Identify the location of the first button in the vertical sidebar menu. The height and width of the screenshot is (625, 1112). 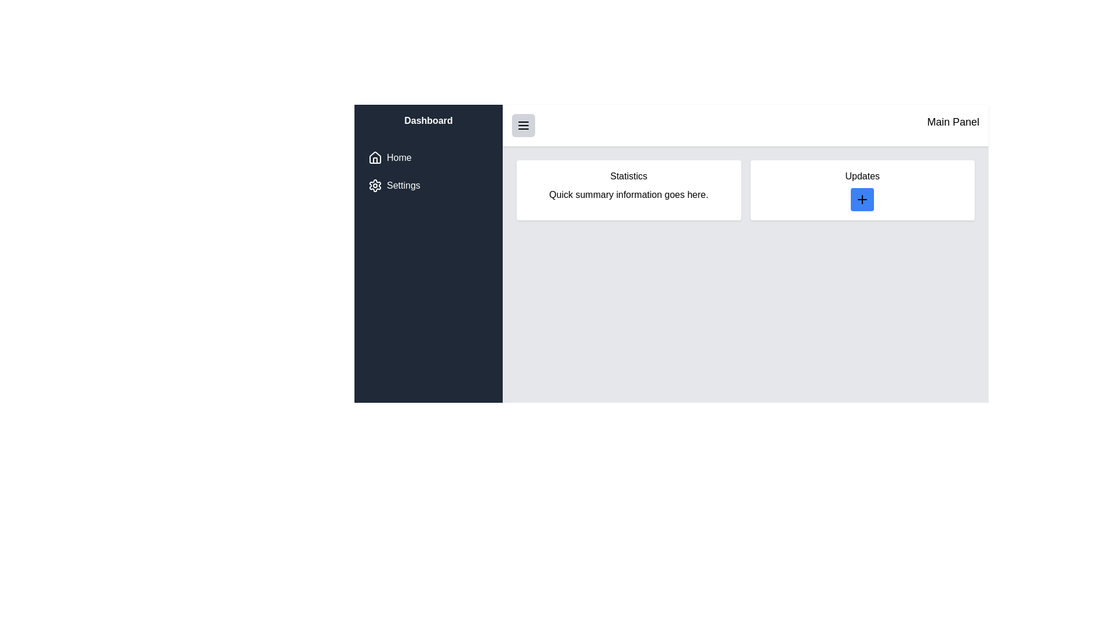
(427, 158).